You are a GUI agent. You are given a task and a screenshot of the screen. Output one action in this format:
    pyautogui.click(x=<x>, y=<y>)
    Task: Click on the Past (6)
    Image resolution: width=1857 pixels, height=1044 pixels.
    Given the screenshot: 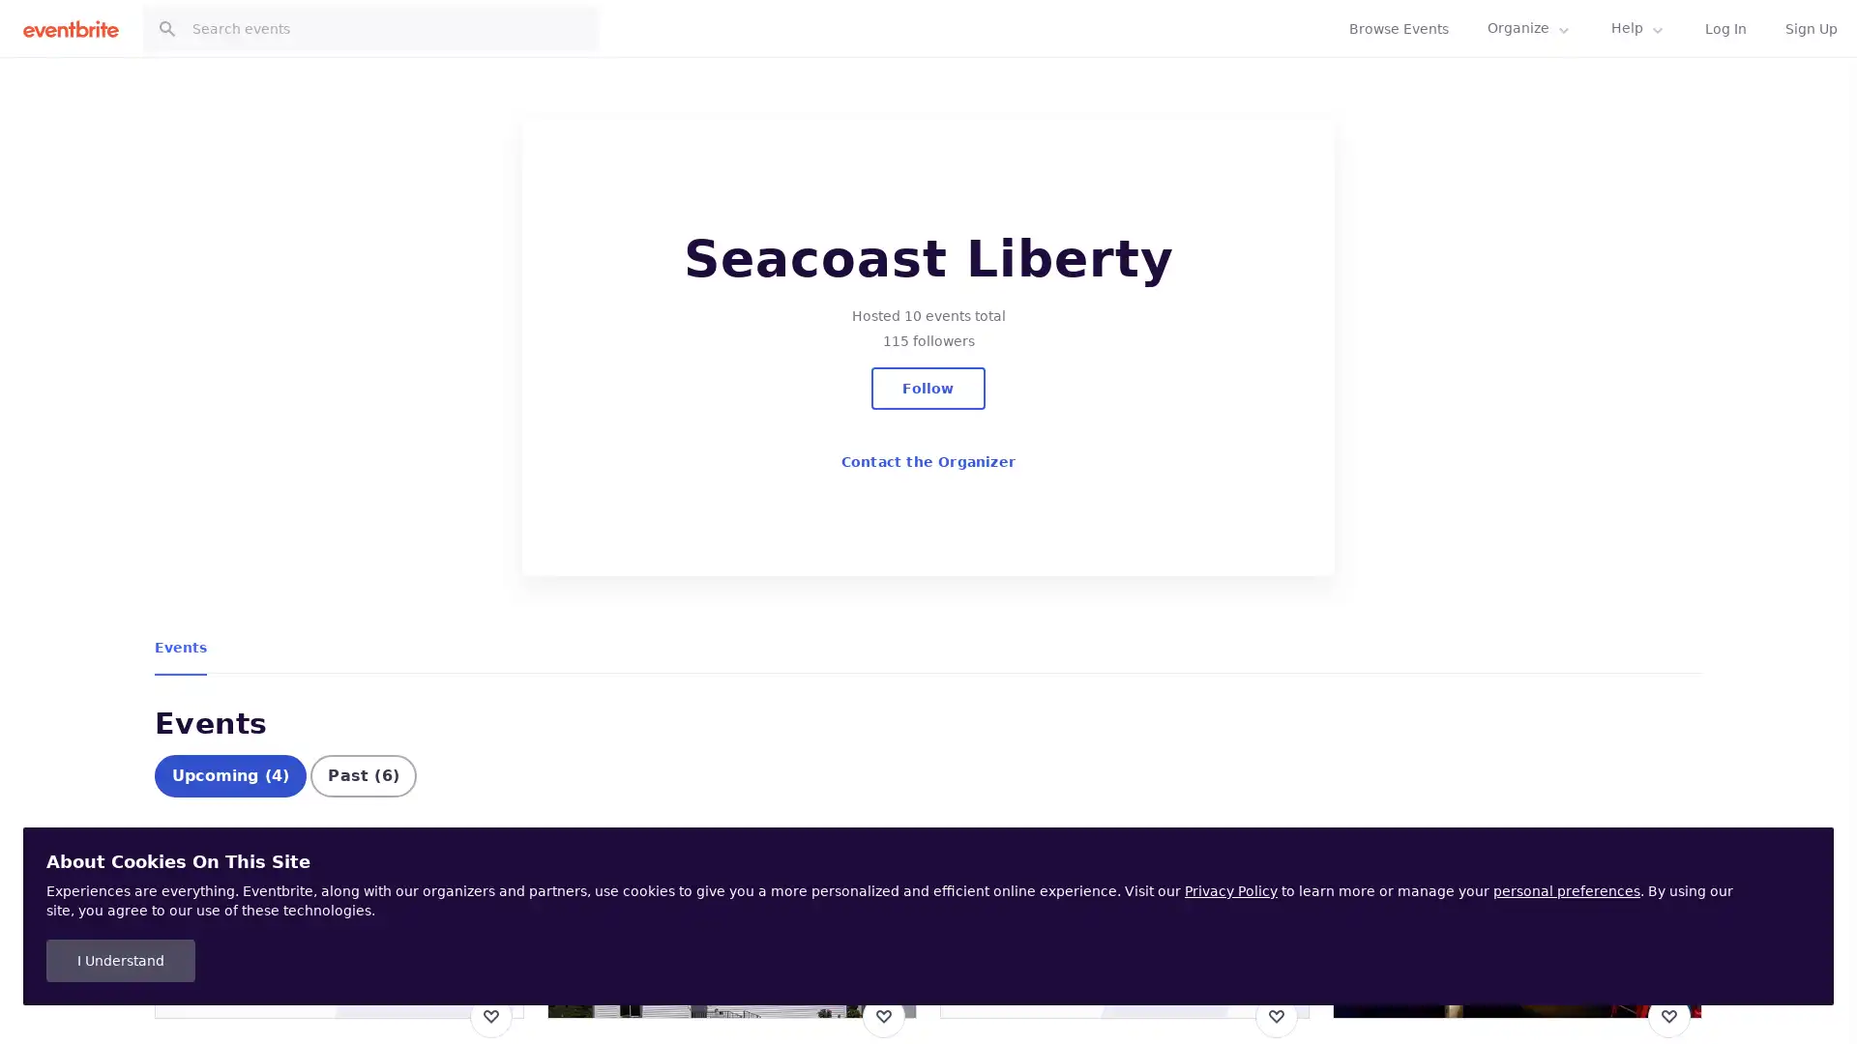 What is the action you would take?
    pyautogui.click(x=363, y=809)
    